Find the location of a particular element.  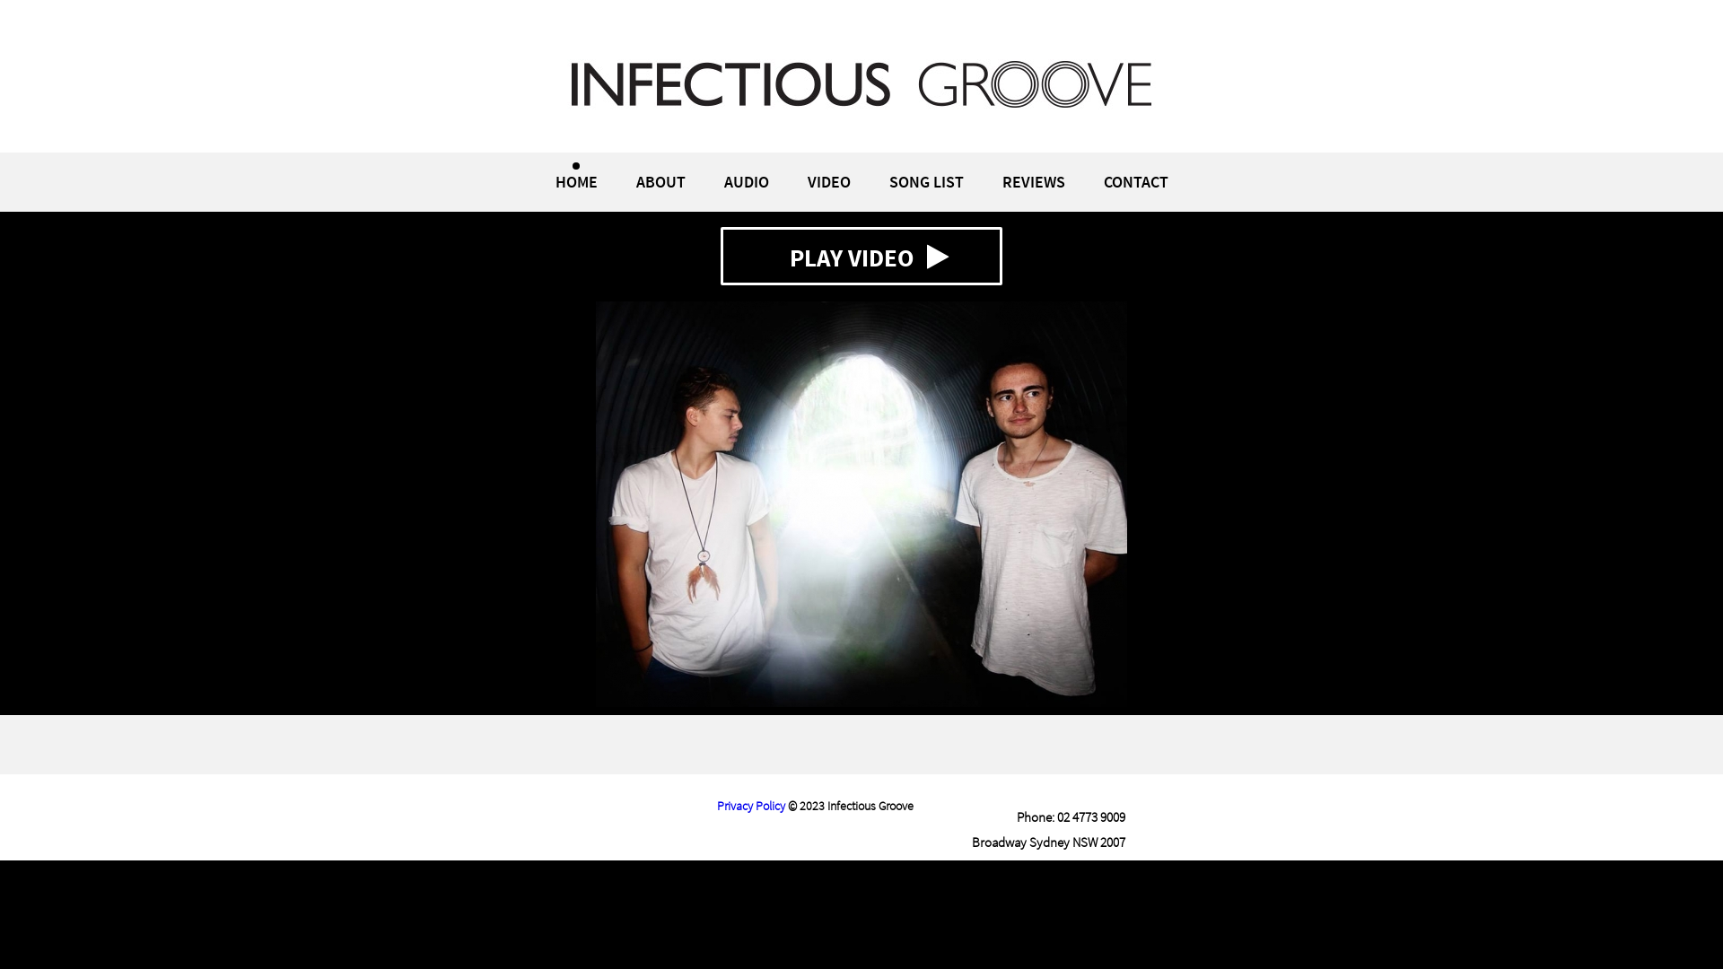

'Privacy Policy' is located at coordinates (715, 805).